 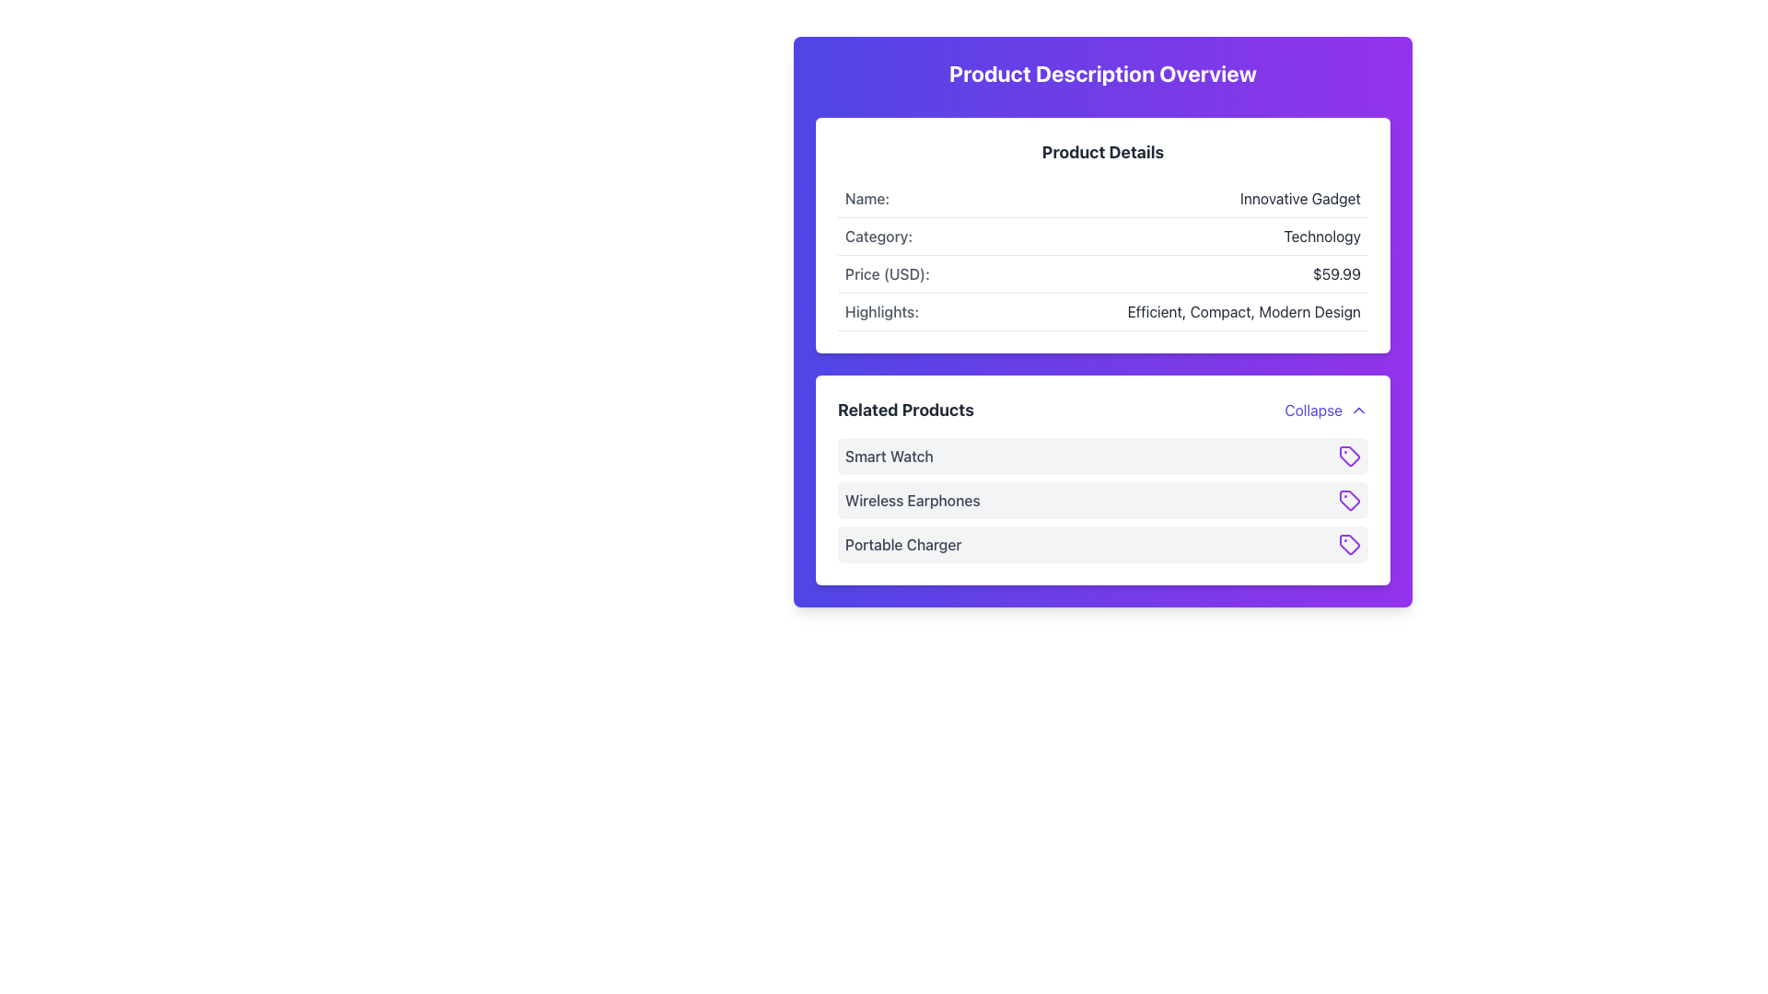 What do you see at coordinates (1244, 311) in the screenshot?
I see `the text label displaying 'Efficient, Compact, Modern Design' in dark gray font within the 'Product Details' section, adjacent to the 'Highlights:' label` at bounding box center [1244, 311].